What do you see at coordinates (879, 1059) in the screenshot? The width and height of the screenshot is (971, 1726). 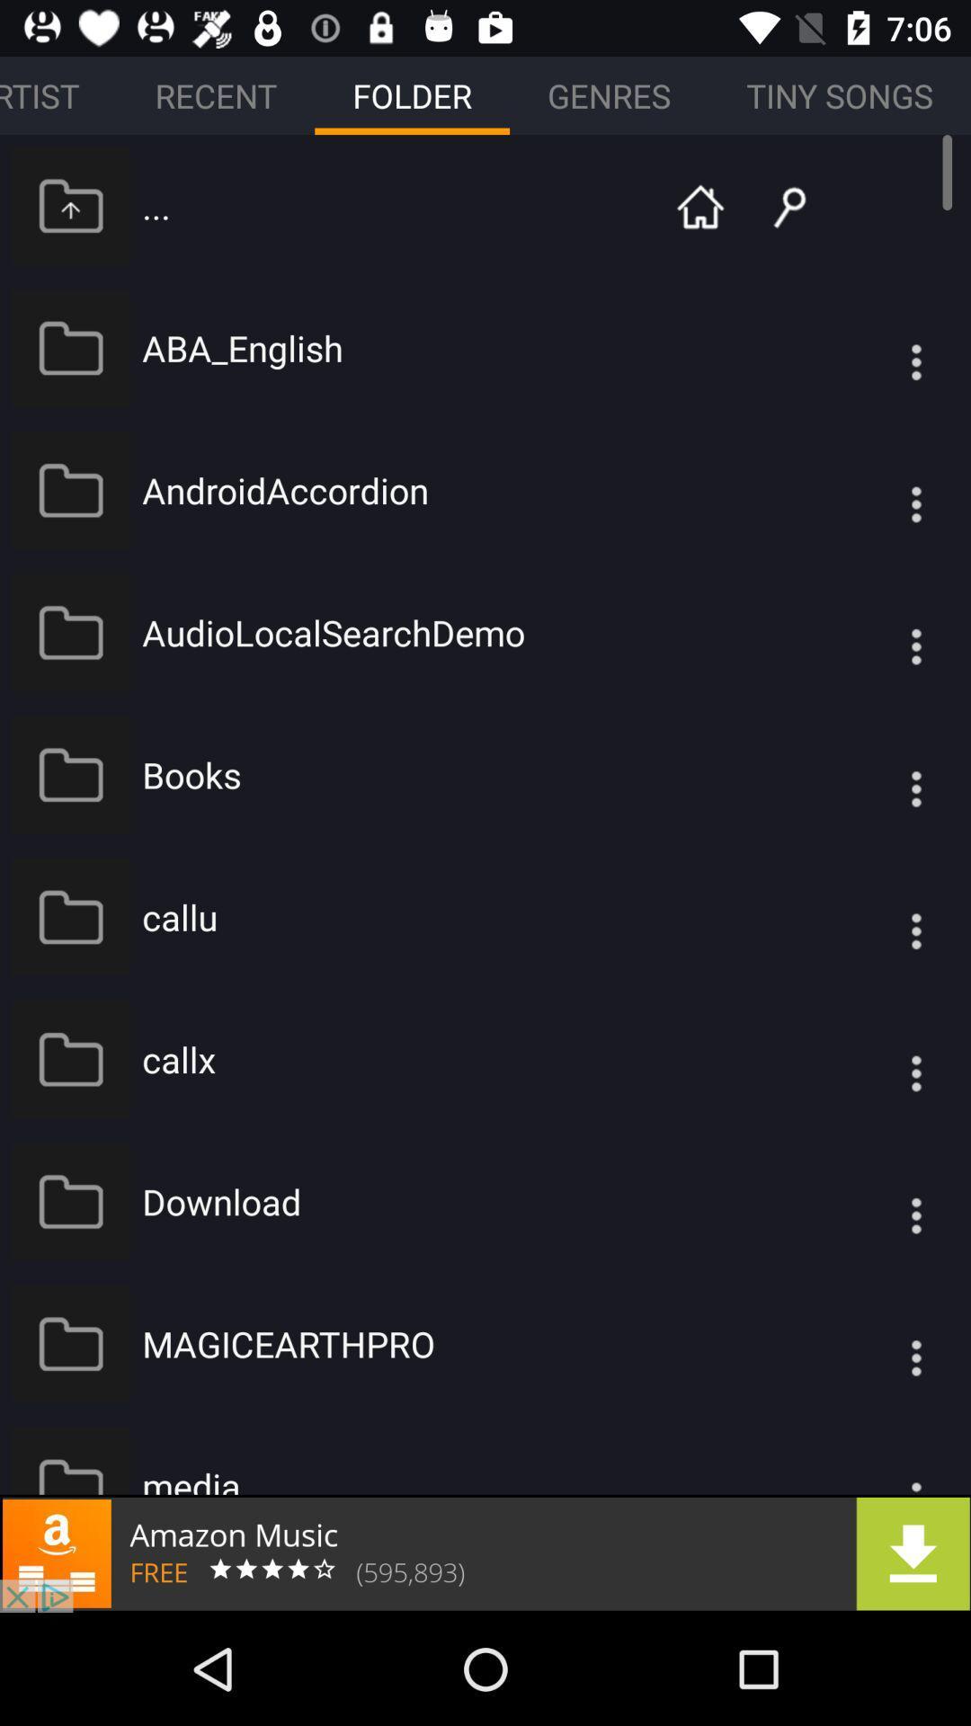 I see `autoplay option` at bounding box center [879, 1059].